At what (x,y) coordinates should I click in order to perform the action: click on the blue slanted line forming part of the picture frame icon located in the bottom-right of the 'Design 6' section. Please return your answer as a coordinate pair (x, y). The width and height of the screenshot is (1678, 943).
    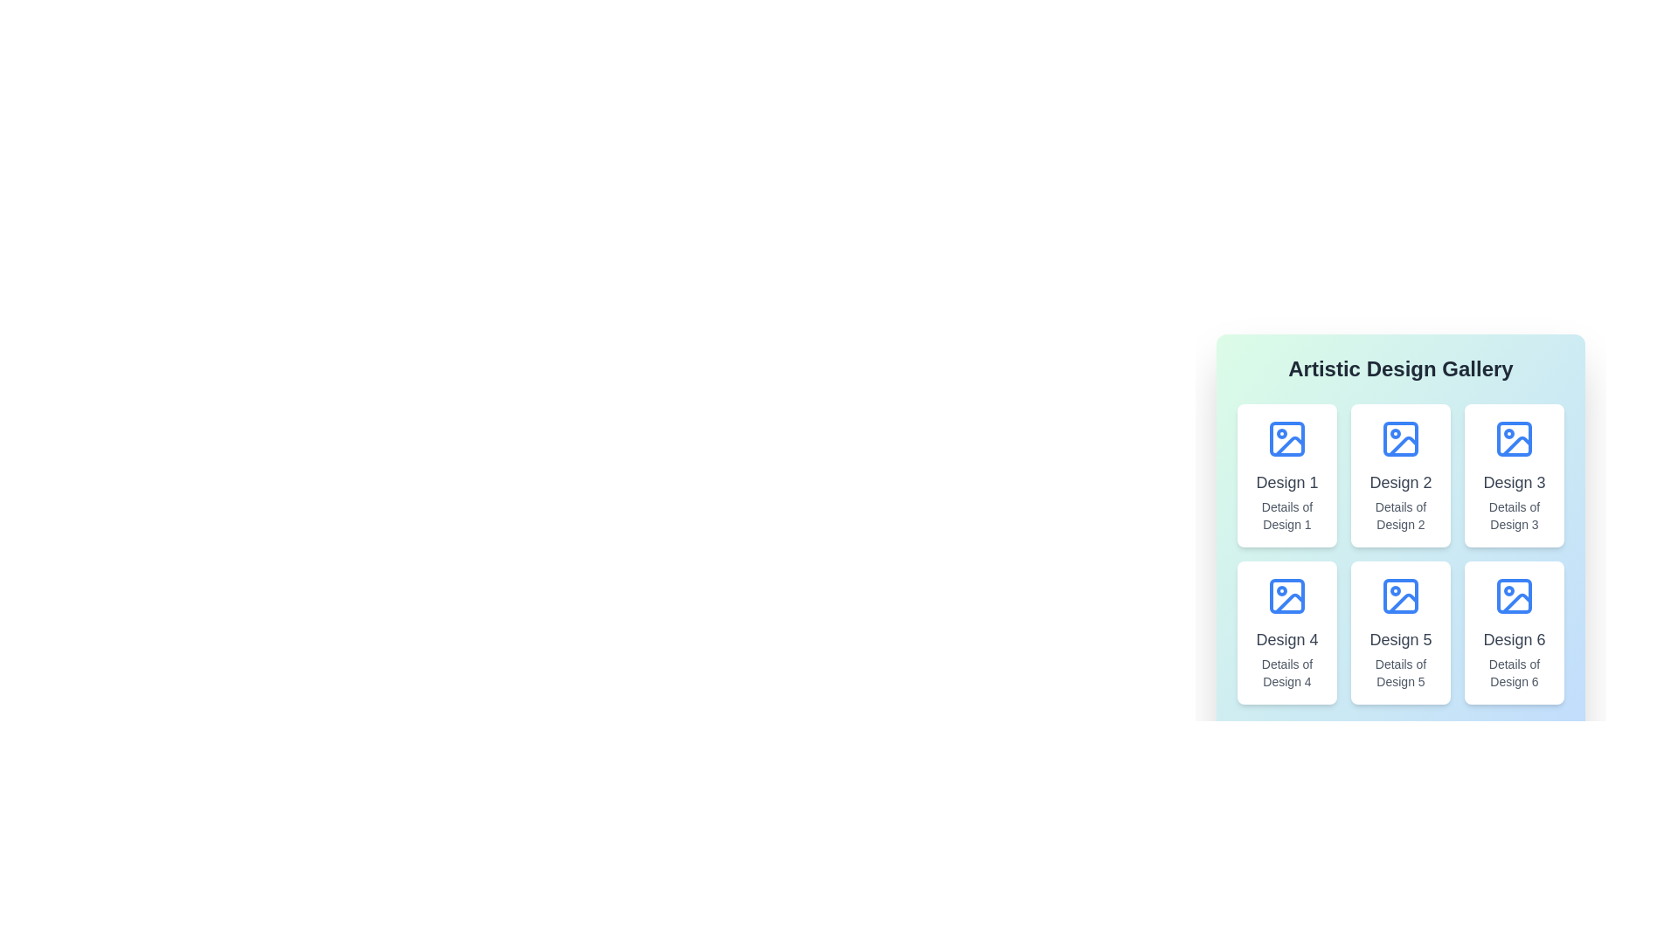
    Looking at the image, I should click on (1516, 602).